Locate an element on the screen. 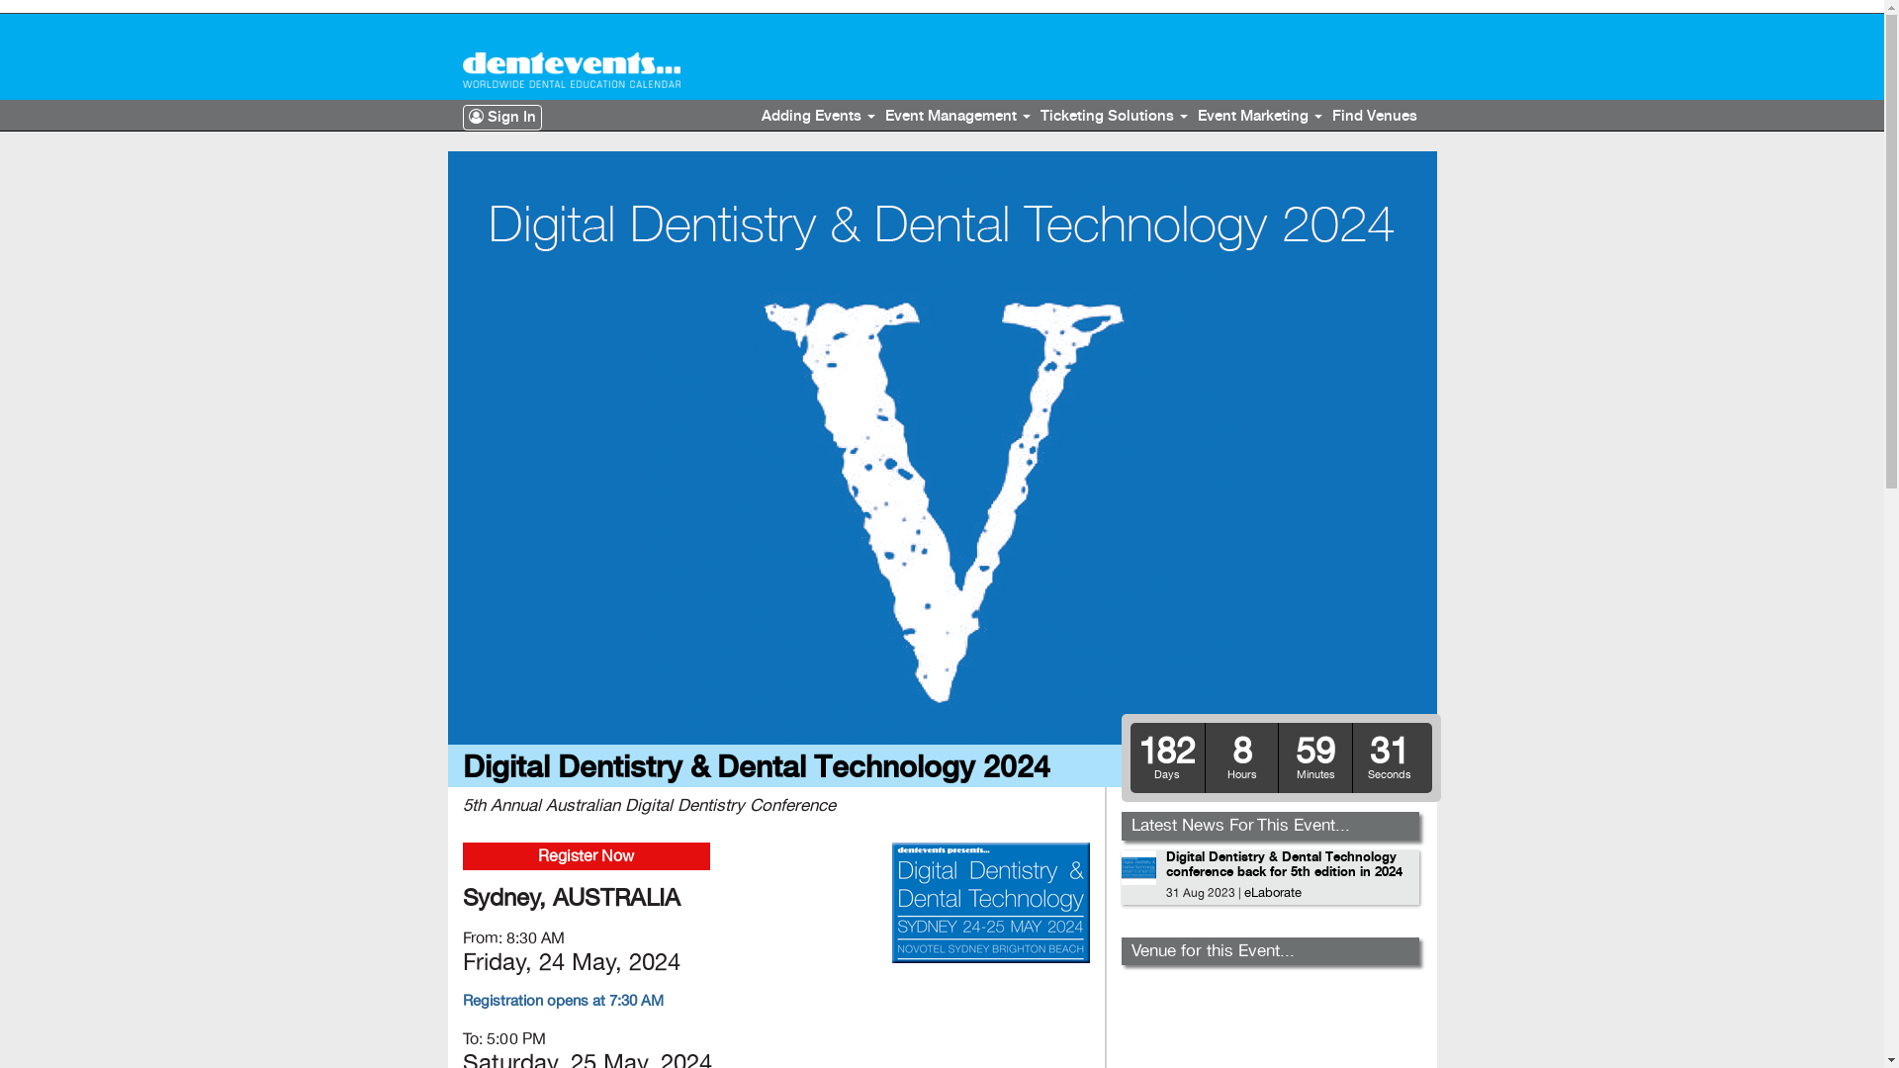  'Latest News For This Event...' is located at coordinates (1239, 825).